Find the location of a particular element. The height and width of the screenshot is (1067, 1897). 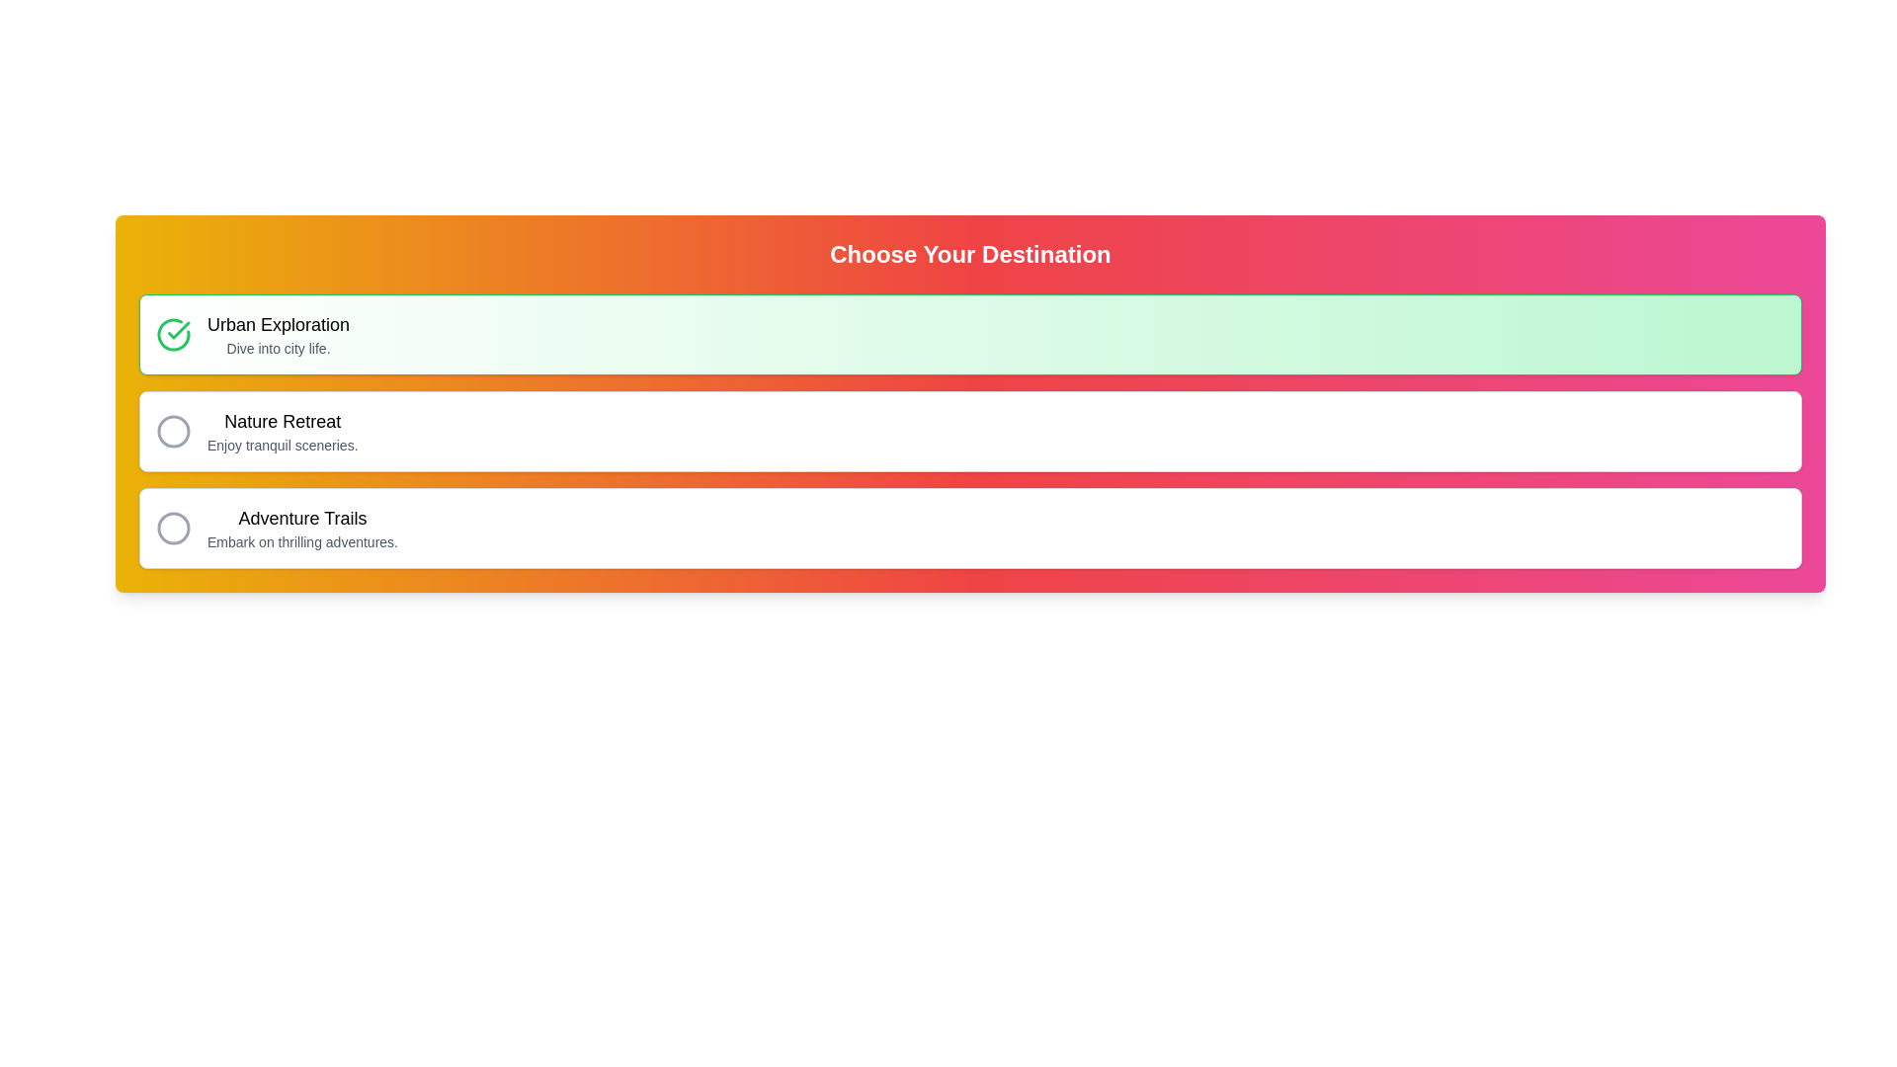

the first selectable list item labeled 'Urban Exploration' located below the header 'Choose Your Destination' is located at coordinates (970, 334).